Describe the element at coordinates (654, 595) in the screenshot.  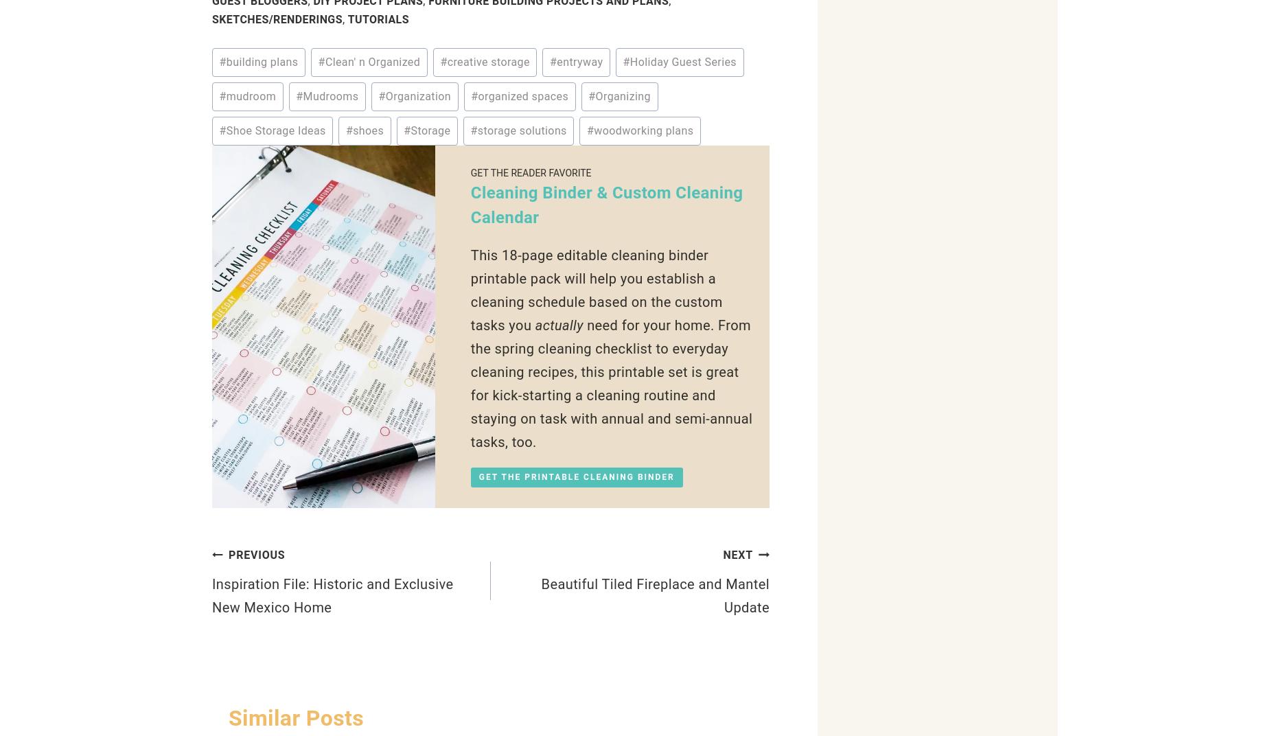
I see `'Beautiful Tiled Fireplace and Mantel Update'` at that location.